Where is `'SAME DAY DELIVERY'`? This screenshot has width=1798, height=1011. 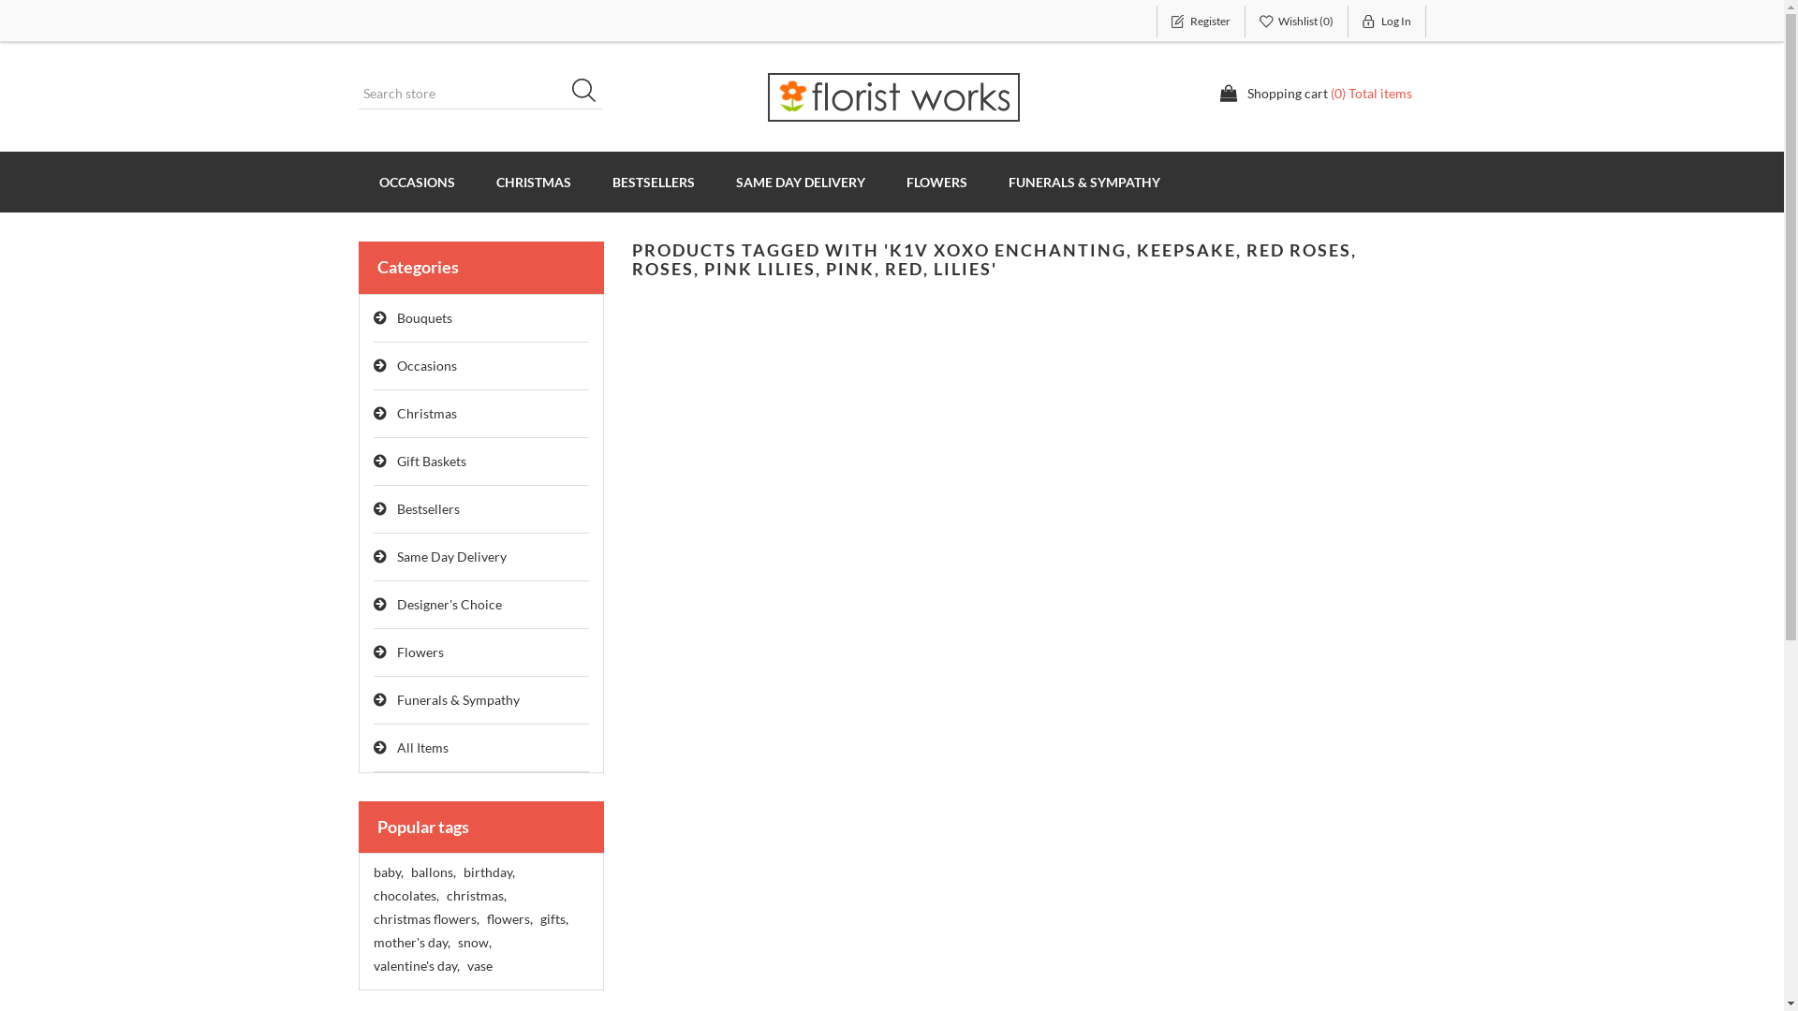 'SAME DAY DELIVERY' is located at coordinates (800, 182).